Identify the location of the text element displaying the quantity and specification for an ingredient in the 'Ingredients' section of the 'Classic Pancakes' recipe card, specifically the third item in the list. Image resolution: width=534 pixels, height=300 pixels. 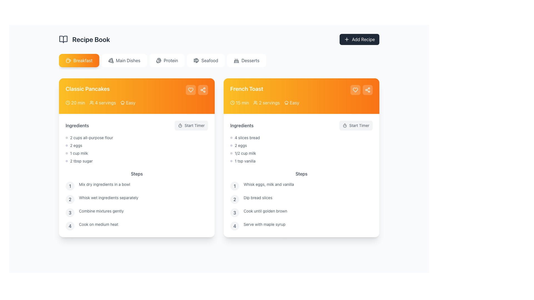
(79, 153).